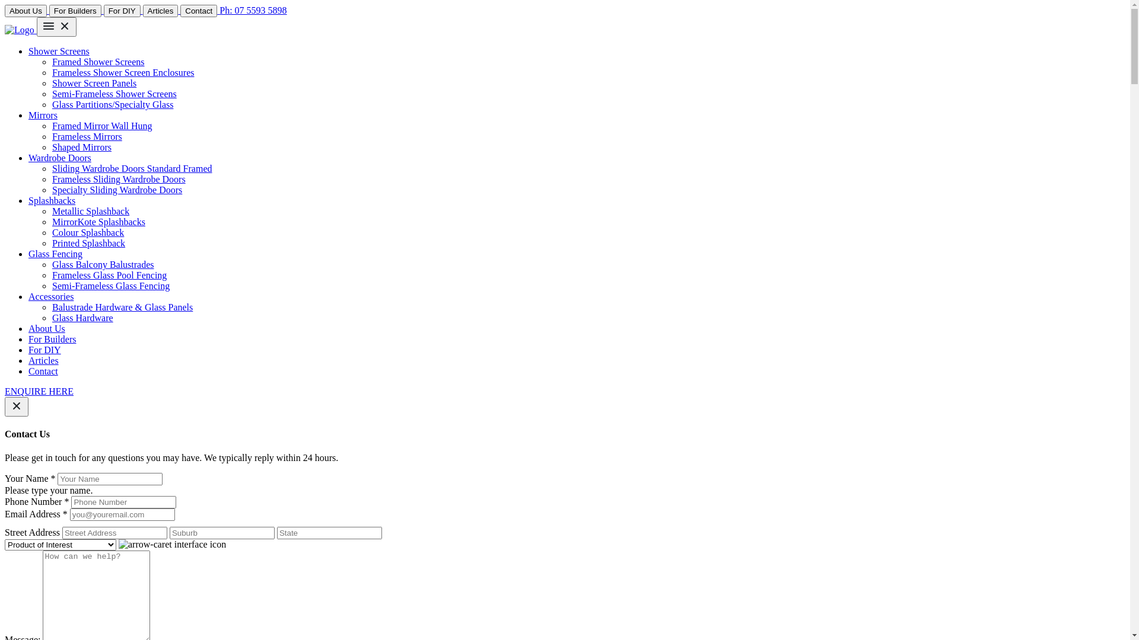 The image size is (1139, 640). Describe the element at coordinates (161, 10) in the screenshot. I see `'Articles'` at that location.